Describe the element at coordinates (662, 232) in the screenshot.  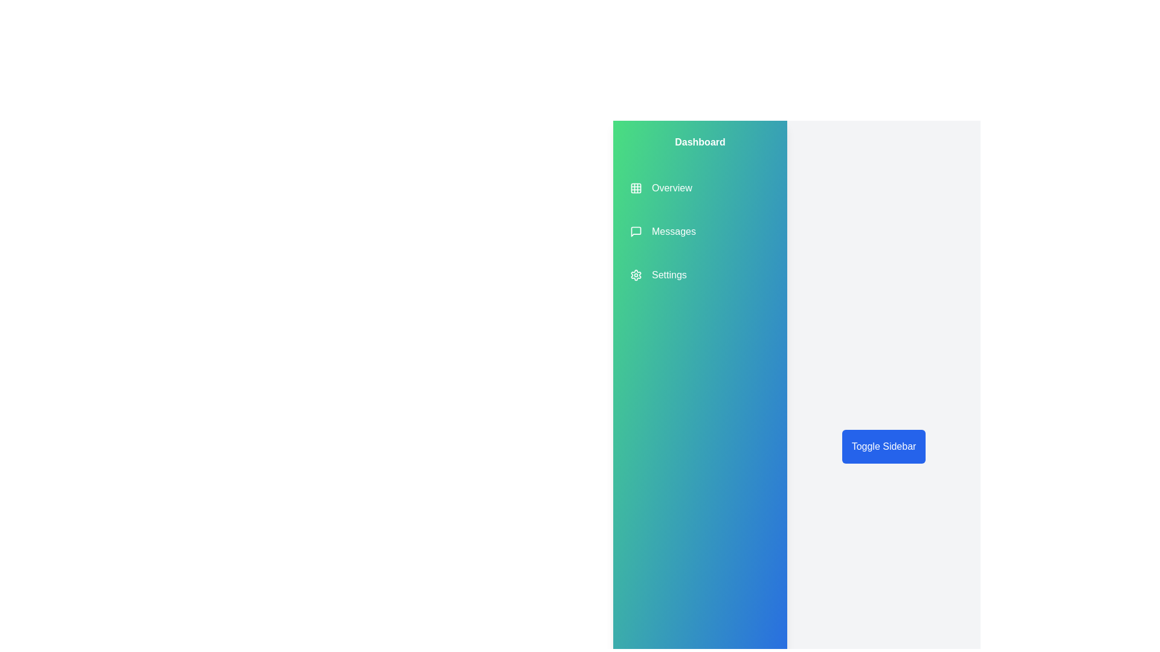
I see `the sidebar item Messages to observe its hover effect` at that location.